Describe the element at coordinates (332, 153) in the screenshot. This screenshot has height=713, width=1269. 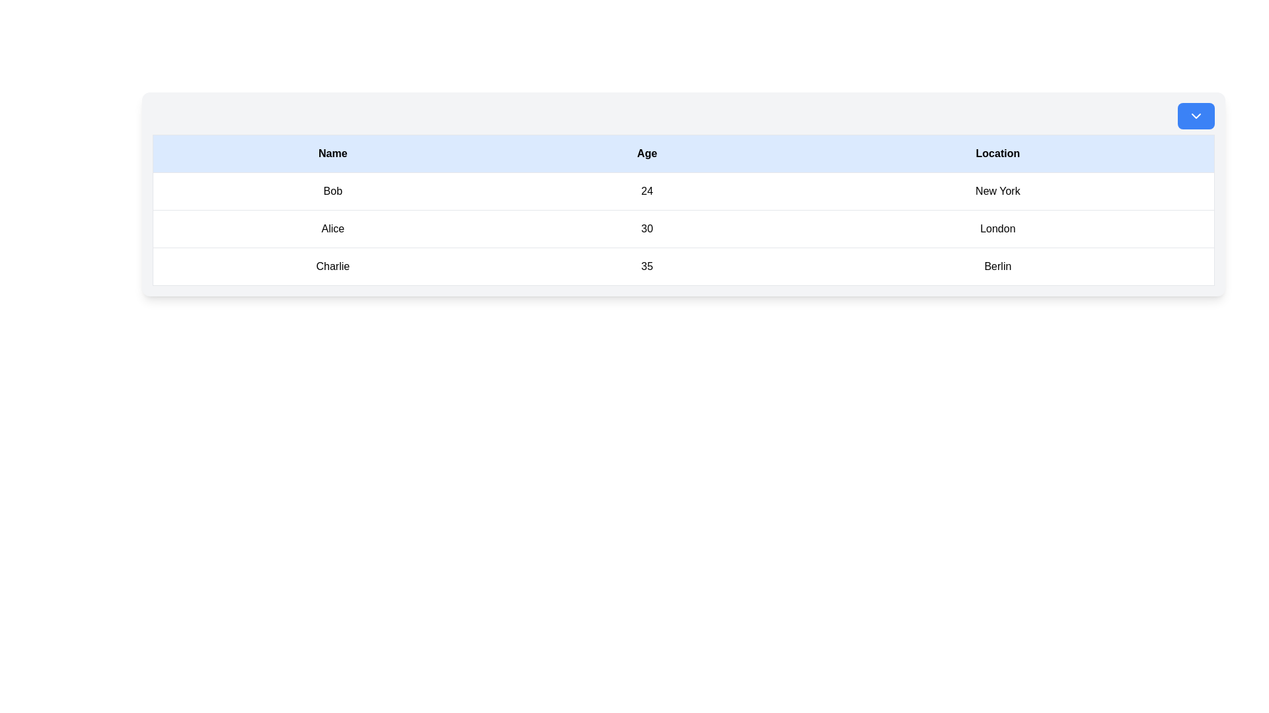
I see `the header cell for the first column of the data table that lists names of individuals, located at the top-left of the table` at that location.